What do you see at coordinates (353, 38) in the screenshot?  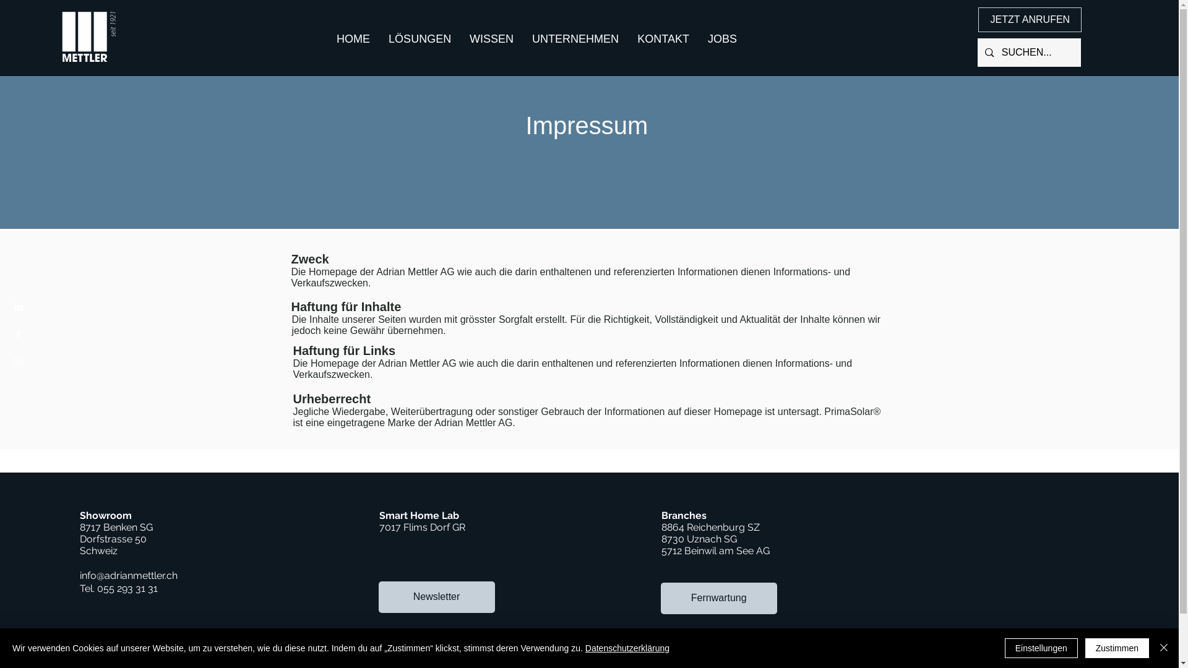 I see `'HOME'` at bounding box center [353, 38].